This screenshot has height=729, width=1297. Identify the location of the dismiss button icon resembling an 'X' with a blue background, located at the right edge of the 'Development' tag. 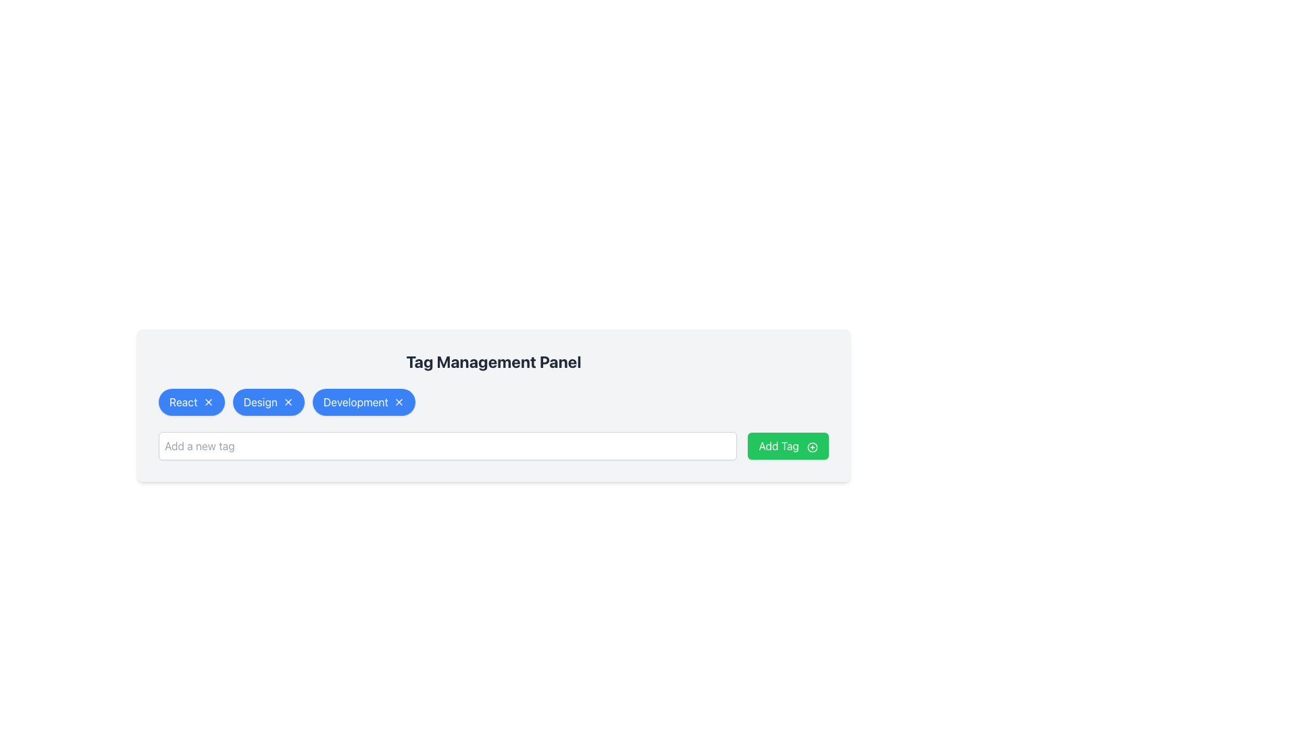
(398, 402).